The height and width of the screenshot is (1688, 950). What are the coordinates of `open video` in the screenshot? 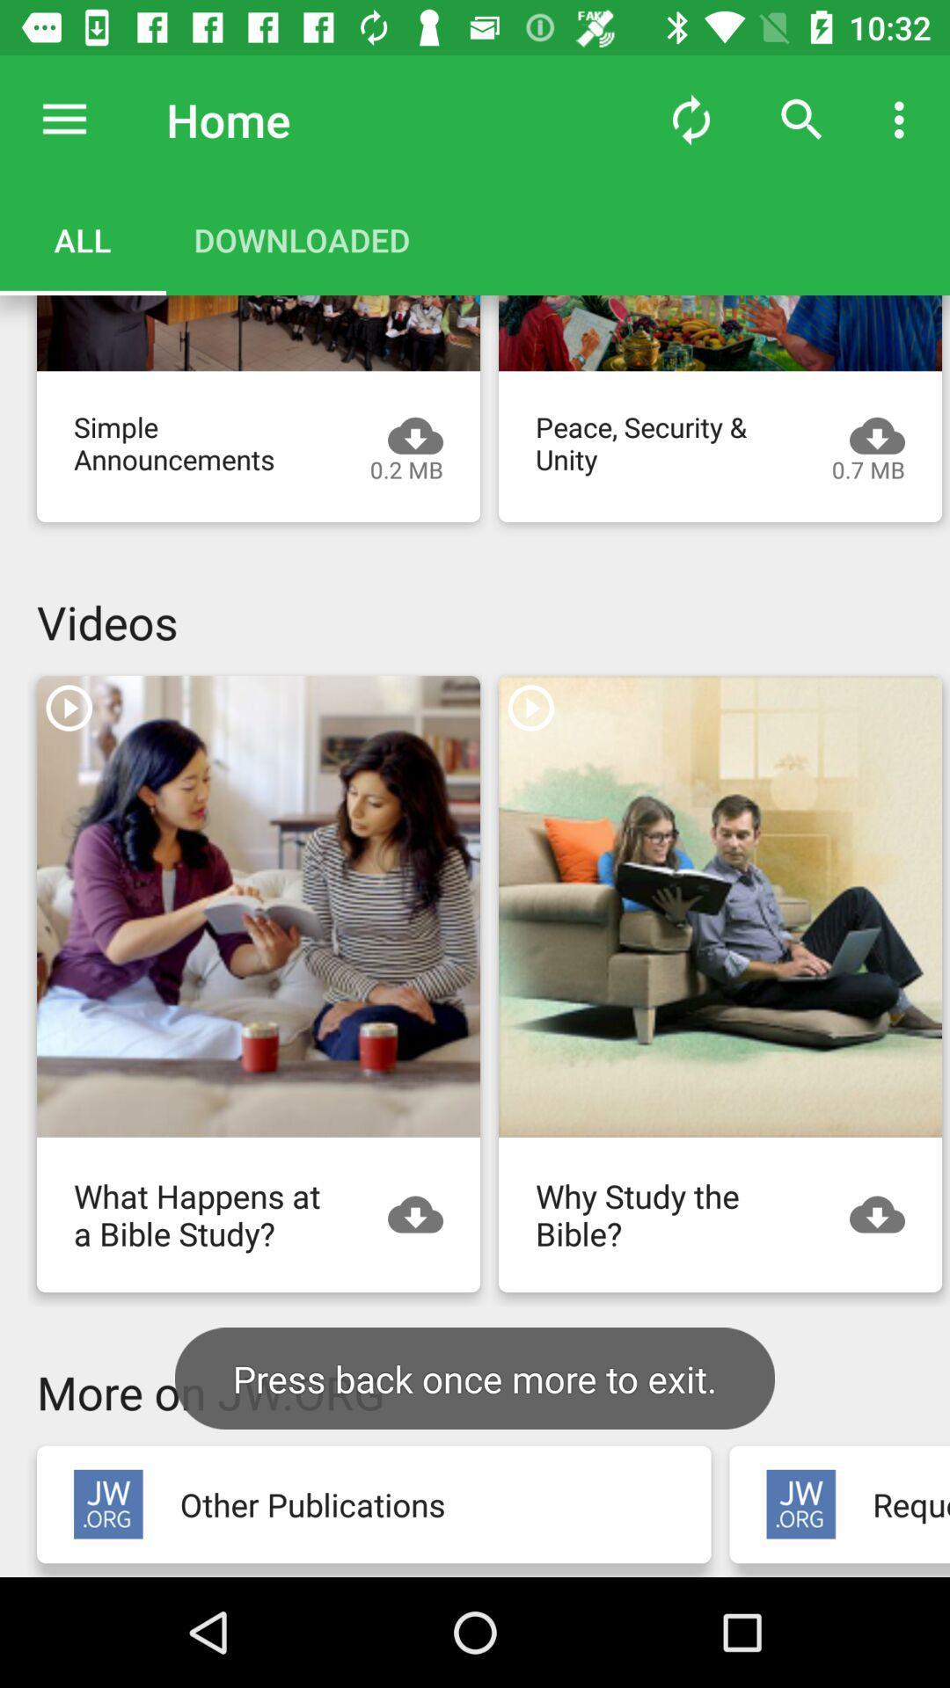 It's located at (720, 333).